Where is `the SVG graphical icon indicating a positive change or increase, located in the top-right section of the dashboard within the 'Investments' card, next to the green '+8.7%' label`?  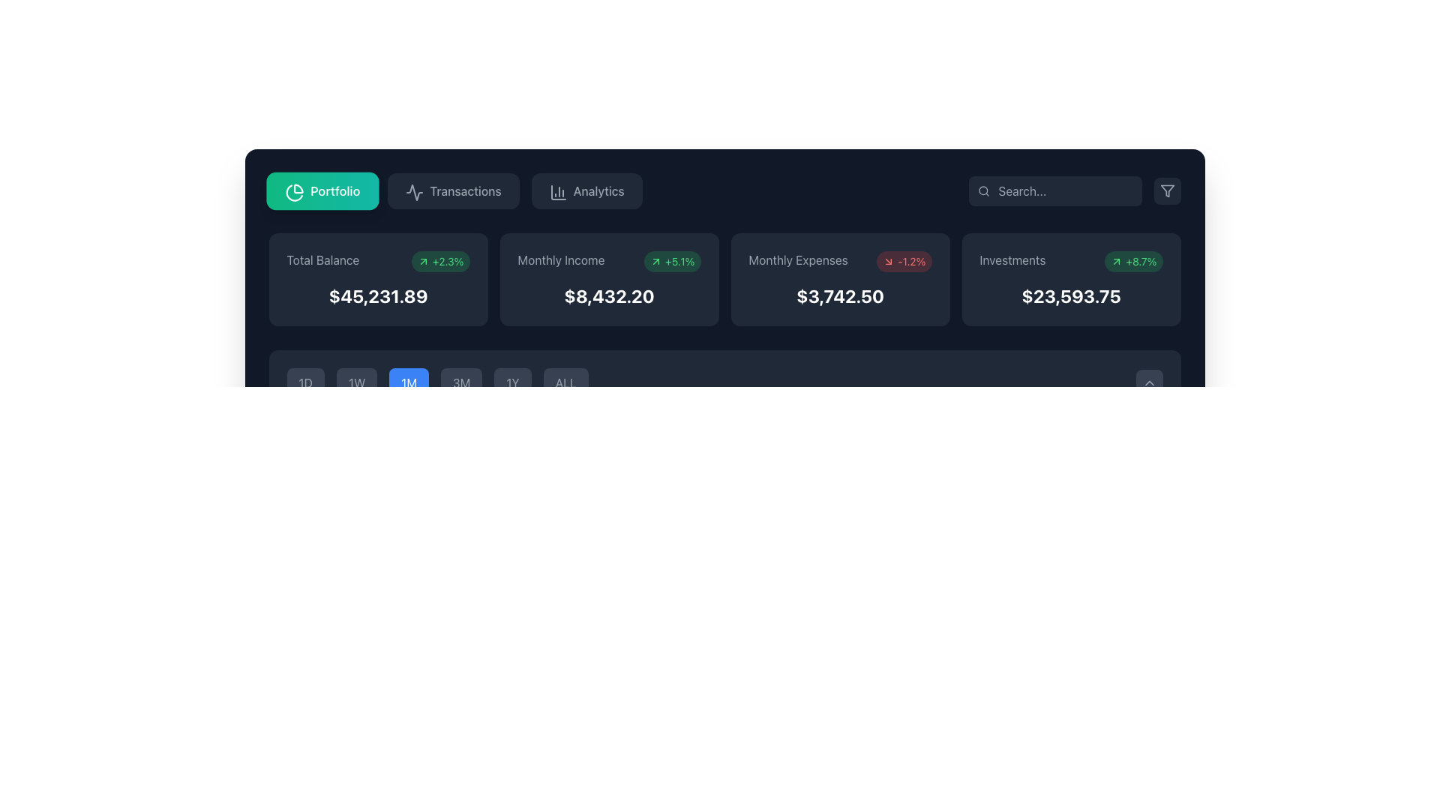 the SVG graphical icon indicating a positive change or increase, located in the top-right section of the dashboard within the 'Investments' card, next to the green '+8.7%' label is located at coordinates (1117, 260).